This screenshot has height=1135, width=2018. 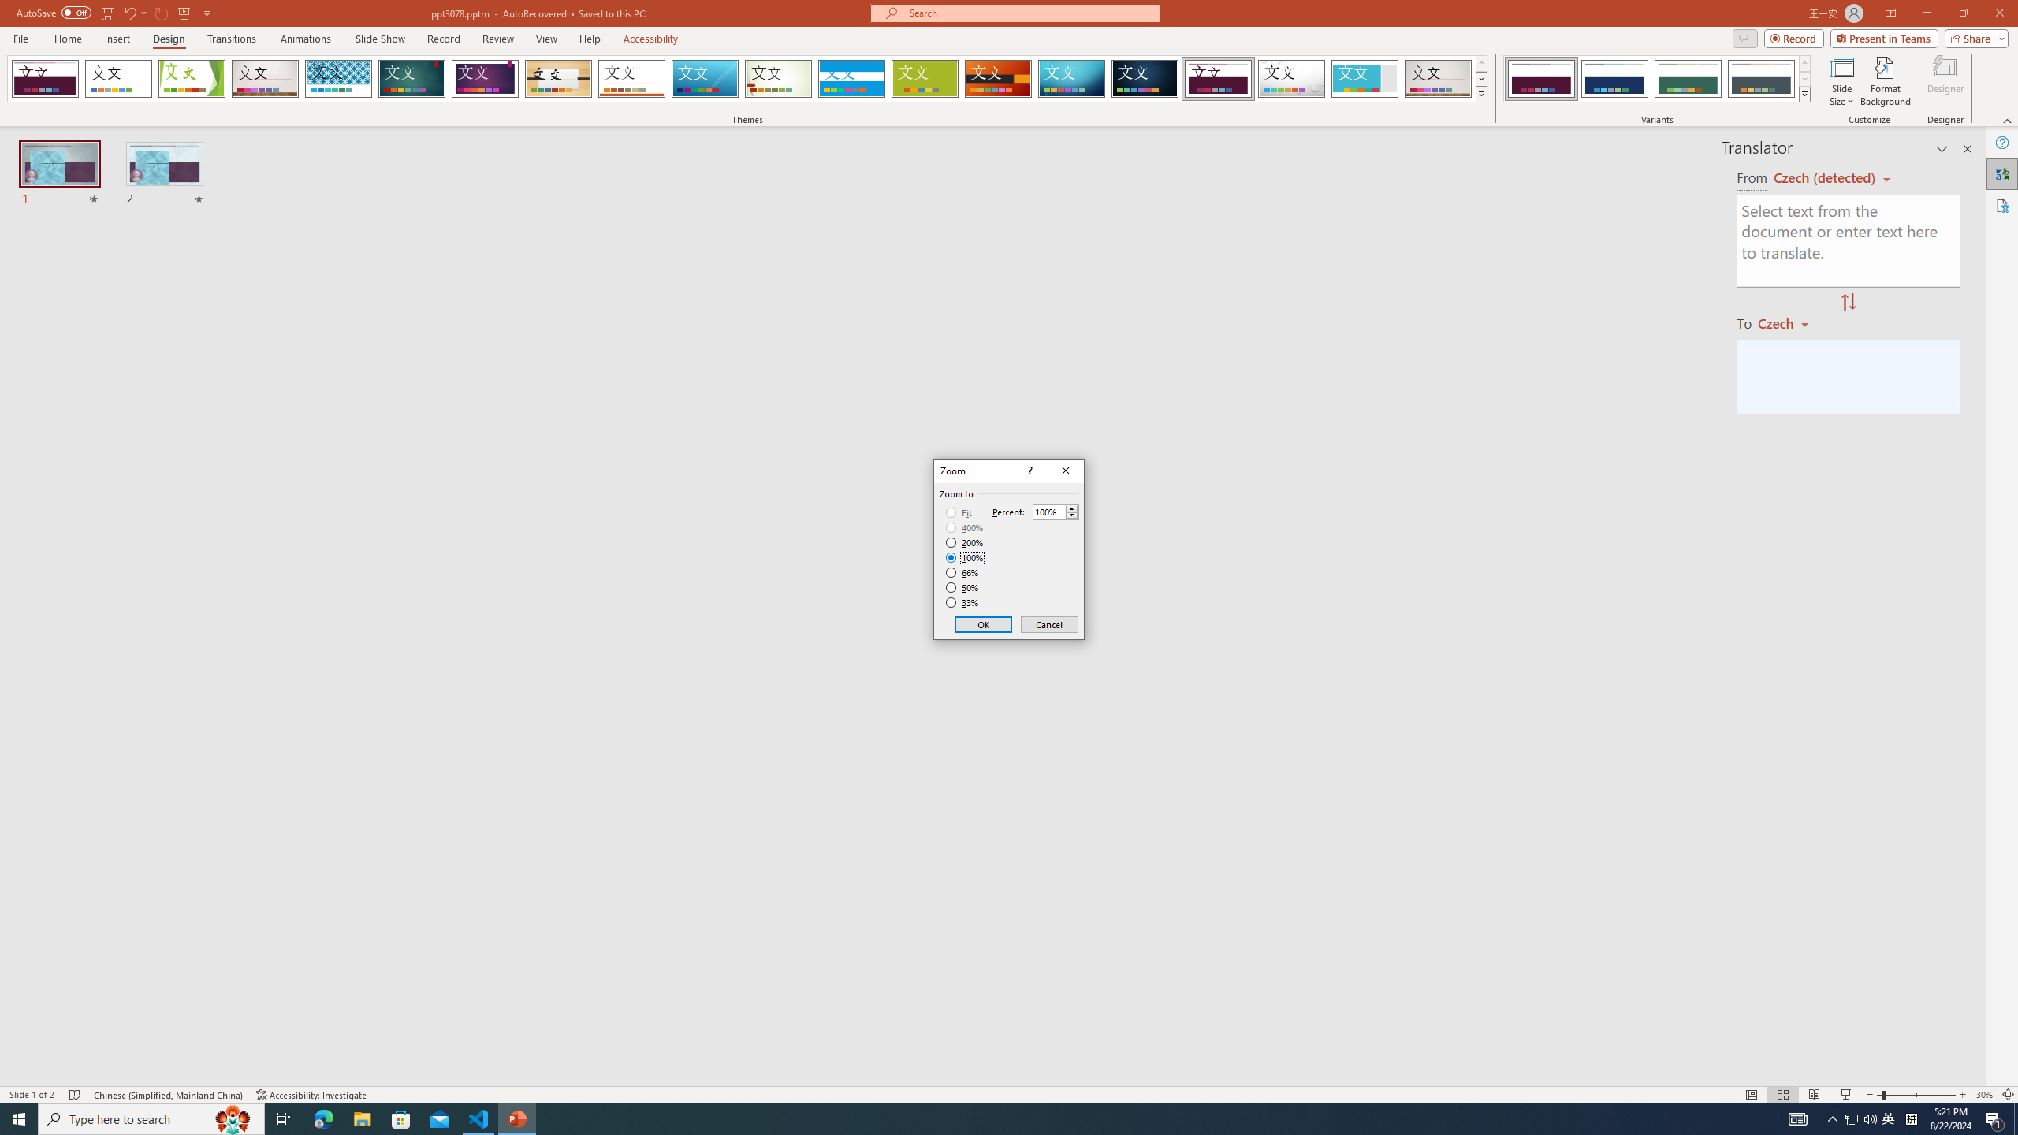 I want to click on 'Action Center, 1 new notification', so click(x=1994, y=1118).